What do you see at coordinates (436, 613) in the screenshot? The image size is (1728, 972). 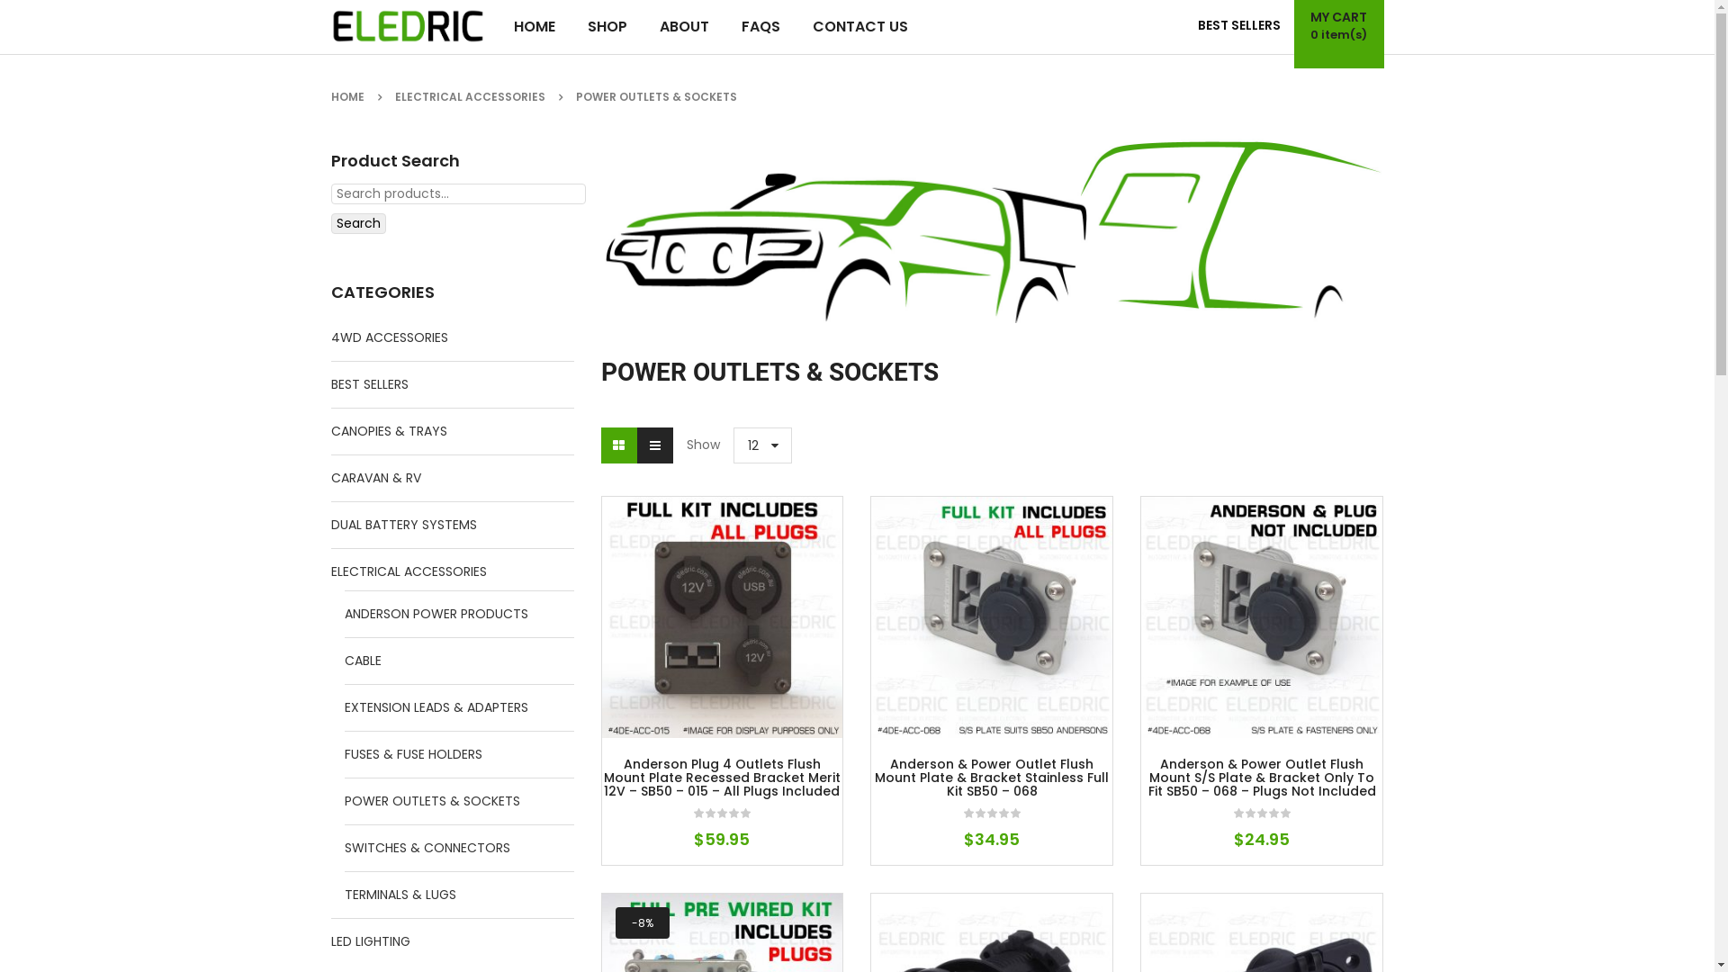 I see `'ANDERSON POWER PRODUCTS'` at bounding box center [436, 613].